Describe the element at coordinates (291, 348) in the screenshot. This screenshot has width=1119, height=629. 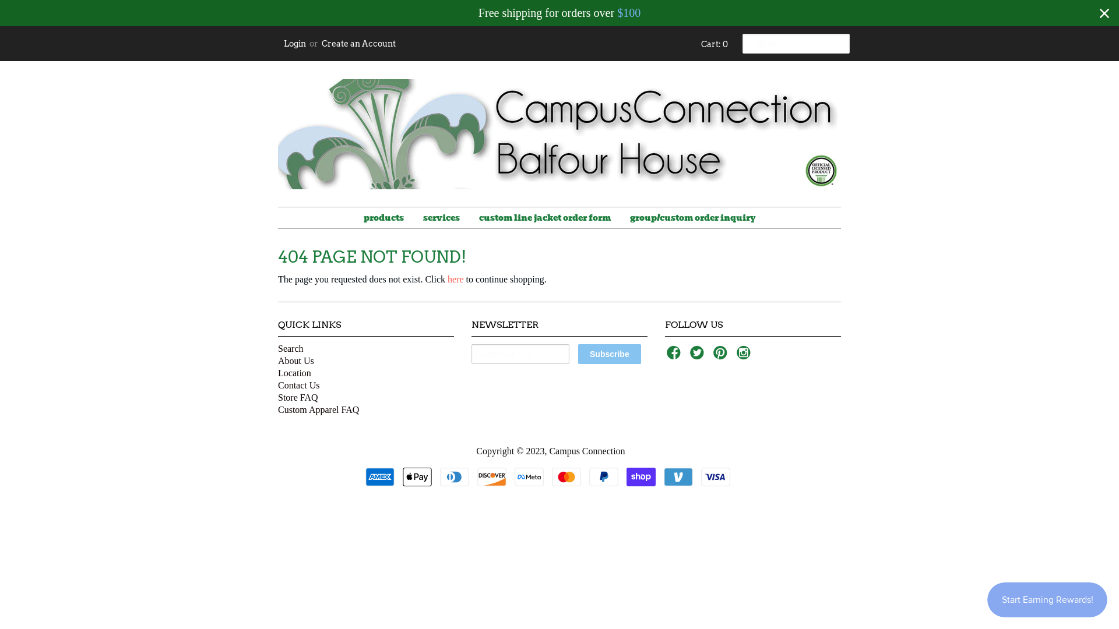
I see `'Search'` at that location.